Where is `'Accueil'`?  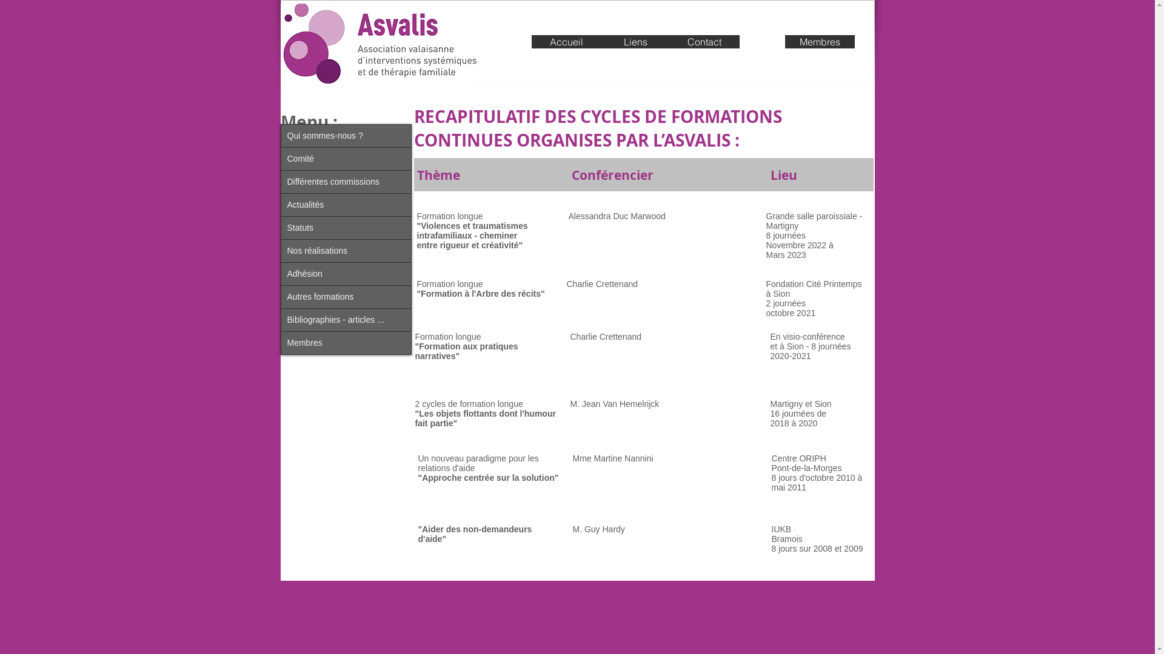 'Accueil' is located at coordinates (565, 41).